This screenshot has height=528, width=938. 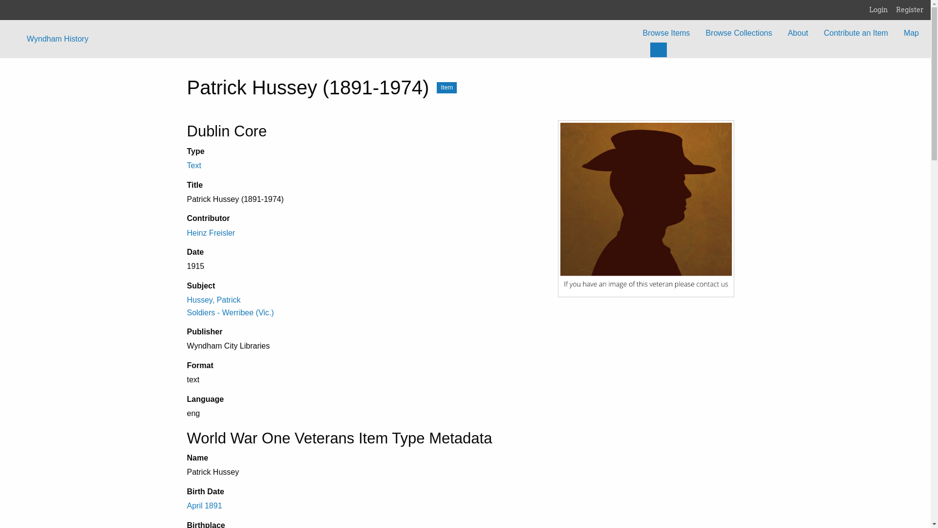 I want to click on 'Soldiers - Werribee (Vic.)', so click(x=229, y=312).